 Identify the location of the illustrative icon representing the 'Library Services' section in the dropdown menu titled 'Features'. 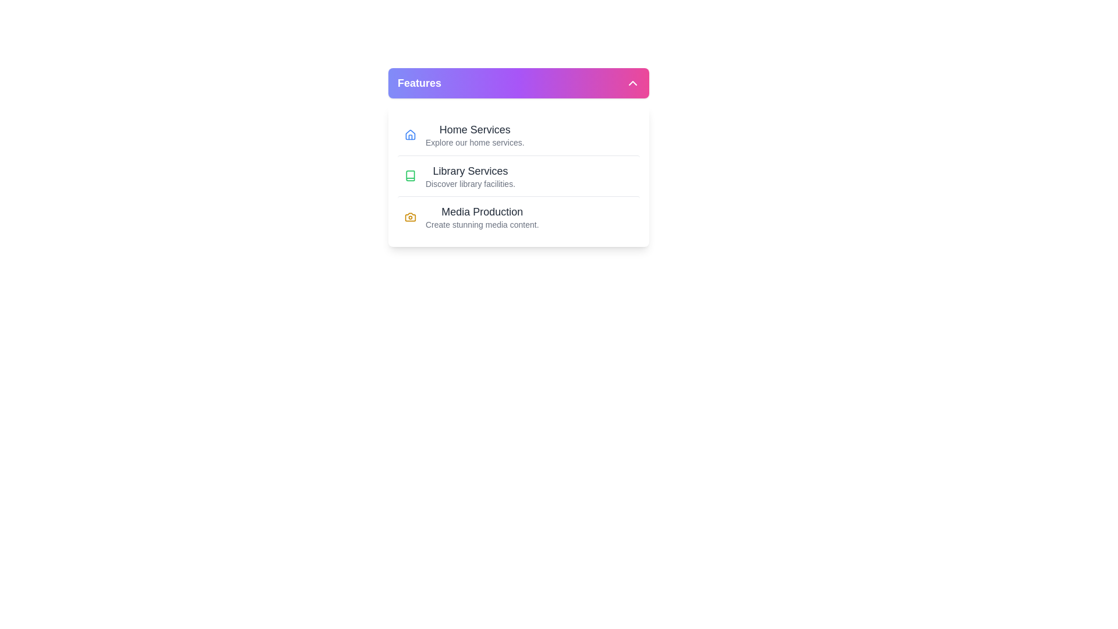
(411, 175).